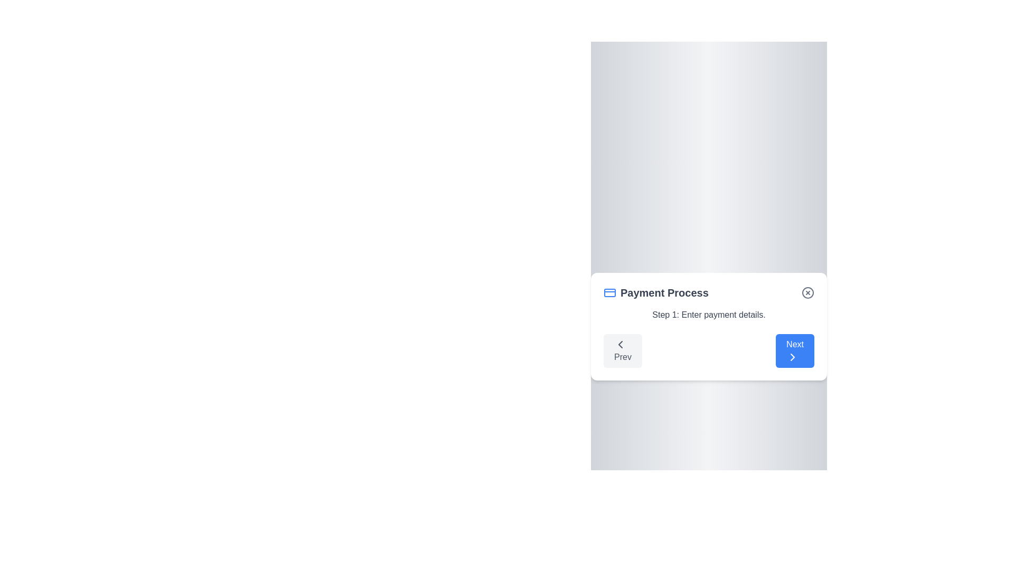  I want to click on left-pointing chevron icon inside the 'Prev' button, which is located on the left side of the modal footer containing navigation buttons, so click(621, 344).